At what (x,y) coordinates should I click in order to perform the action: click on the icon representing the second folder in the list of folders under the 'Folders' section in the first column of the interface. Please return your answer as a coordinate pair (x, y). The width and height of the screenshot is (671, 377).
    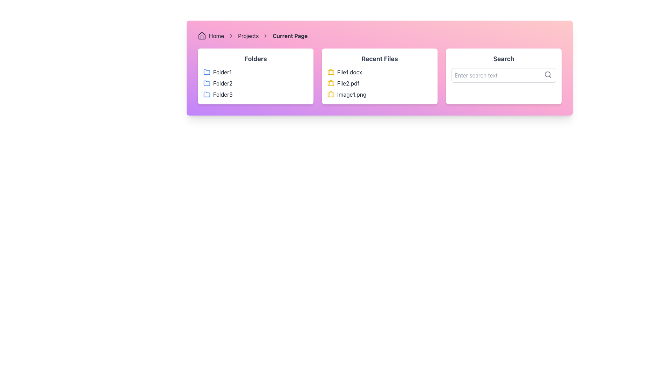
    Looking at the image, I should click on (206, 83).